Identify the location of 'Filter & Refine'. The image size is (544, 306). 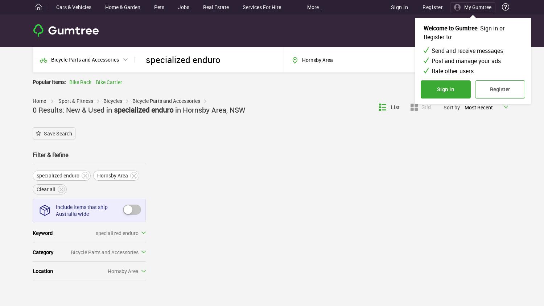
(50, 155).